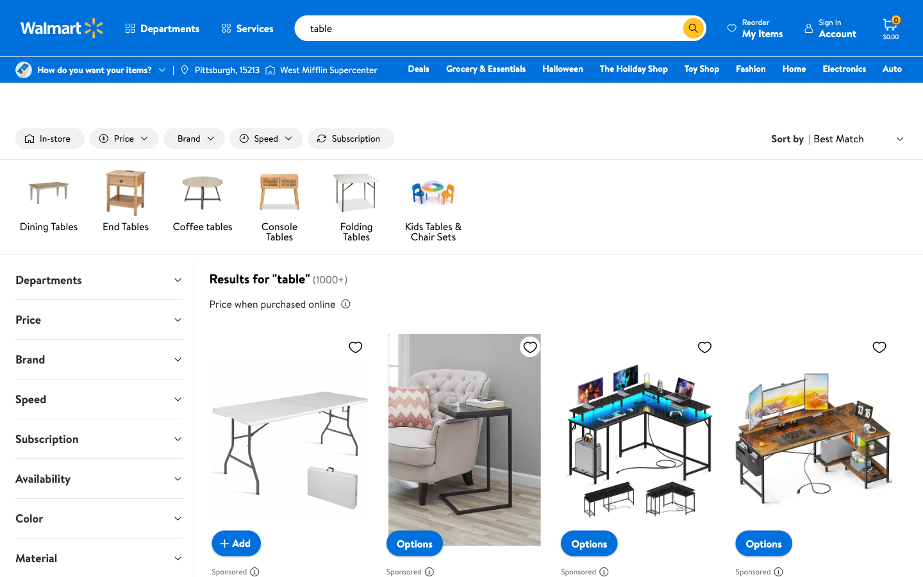  I want to click on To reach the homepage, press on the Walmart symbol, so click(62, 28).